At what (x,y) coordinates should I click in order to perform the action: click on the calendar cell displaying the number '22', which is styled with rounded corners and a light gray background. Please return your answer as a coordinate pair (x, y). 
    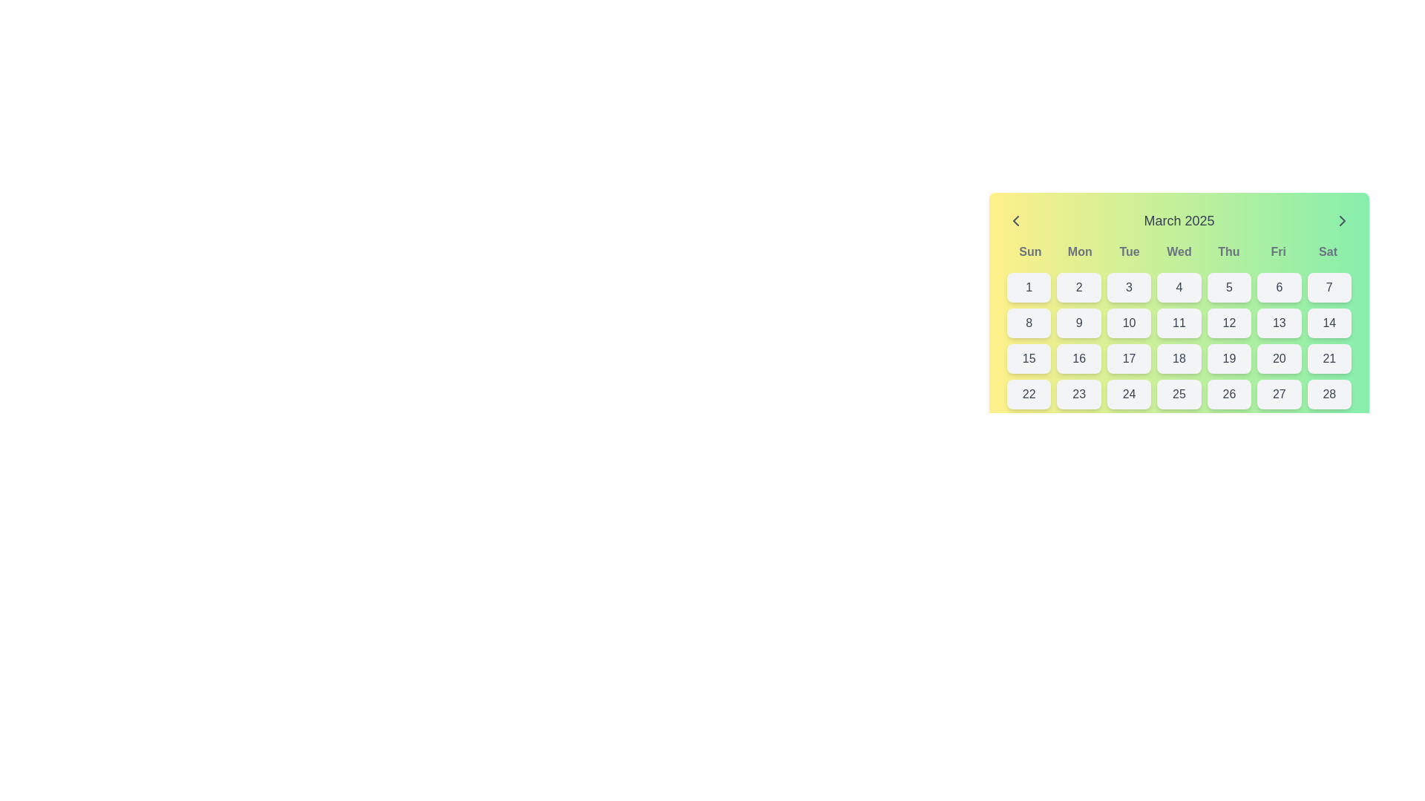
    Looking at the image, I should click on (1028, 394).